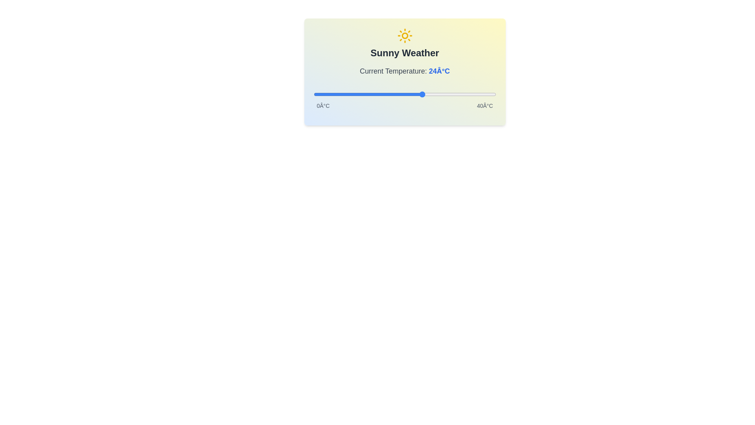  What do you see at coordinates (382, 94) in the screenshot?
I see `the temperature` at bounding box center [382, 94].